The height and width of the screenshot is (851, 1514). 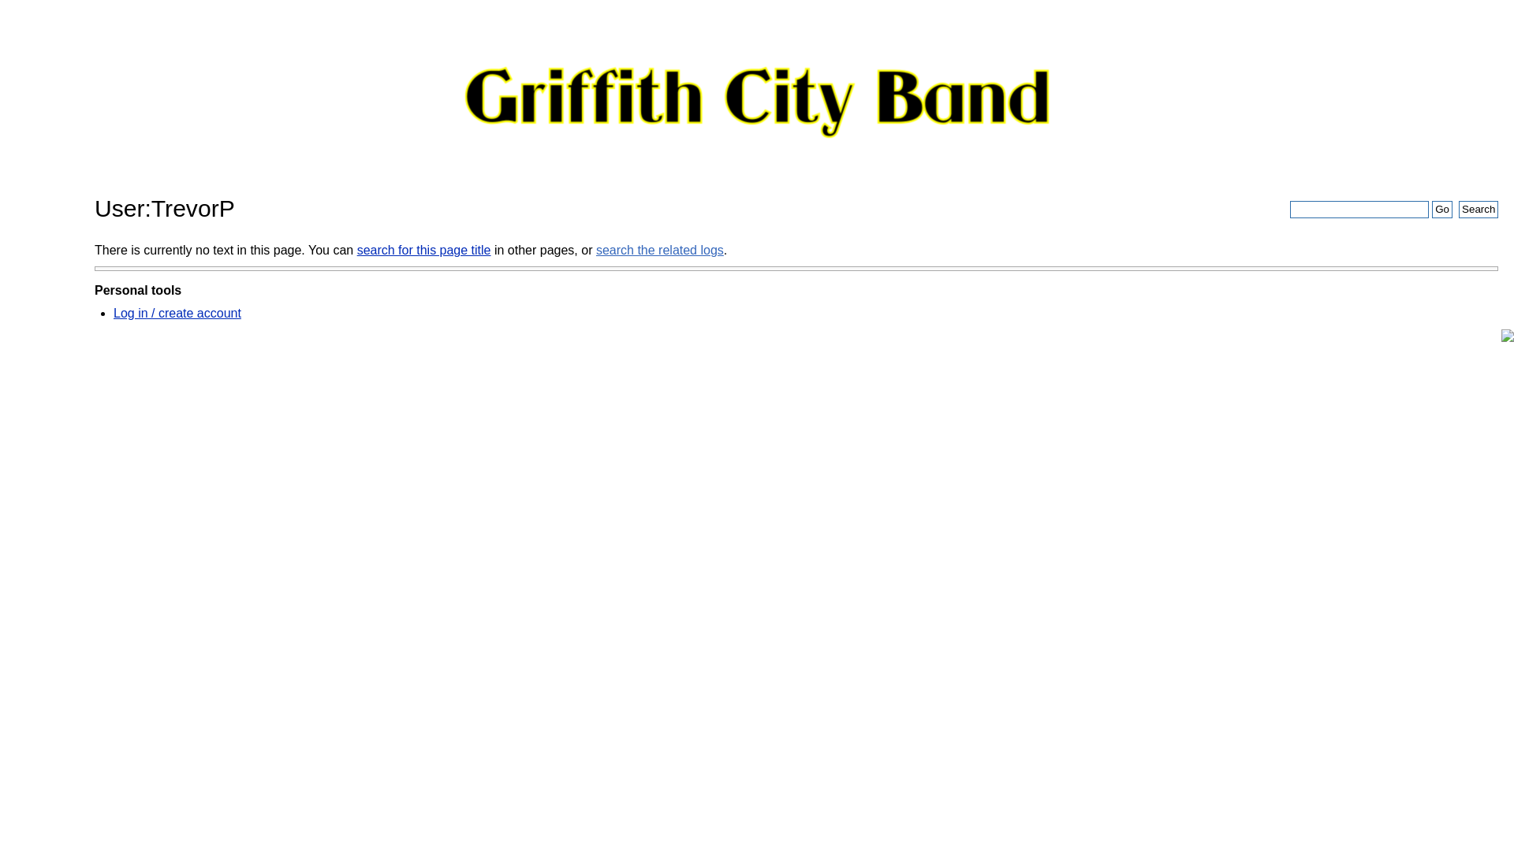 I want to click on 'search the related logs', so click(x=659, y=249).